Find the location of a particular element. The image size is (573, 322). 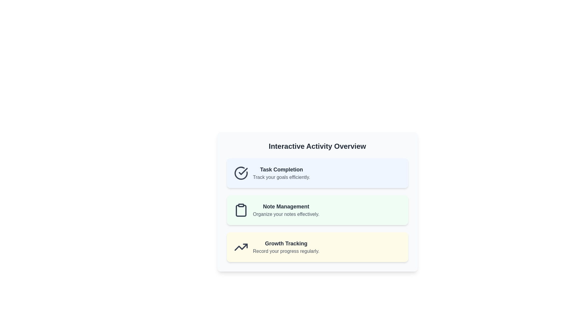

the text label displaying 'Track your goals efficiently.' which is located below the 'Task Completion' label within the blue-colored rectangular card is located at coordinates (281, 177).